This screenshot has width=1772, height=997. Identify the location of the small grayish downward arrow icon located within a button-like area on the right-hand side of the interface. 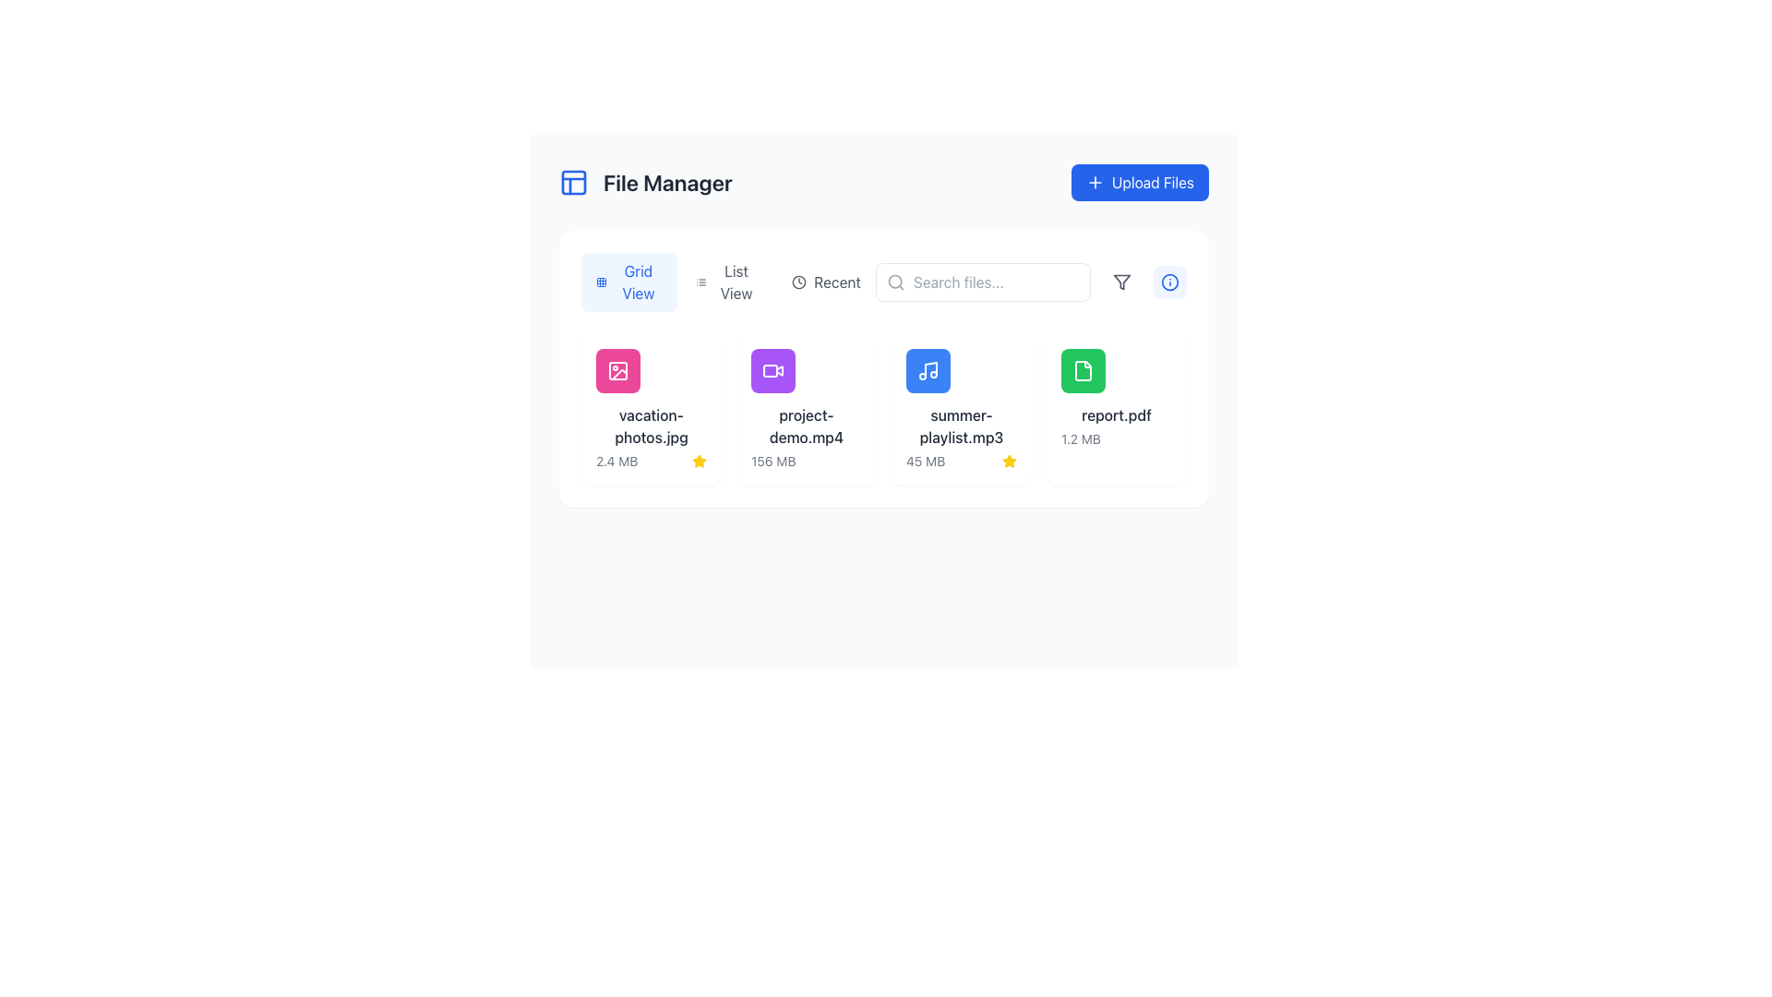
(922, 458).